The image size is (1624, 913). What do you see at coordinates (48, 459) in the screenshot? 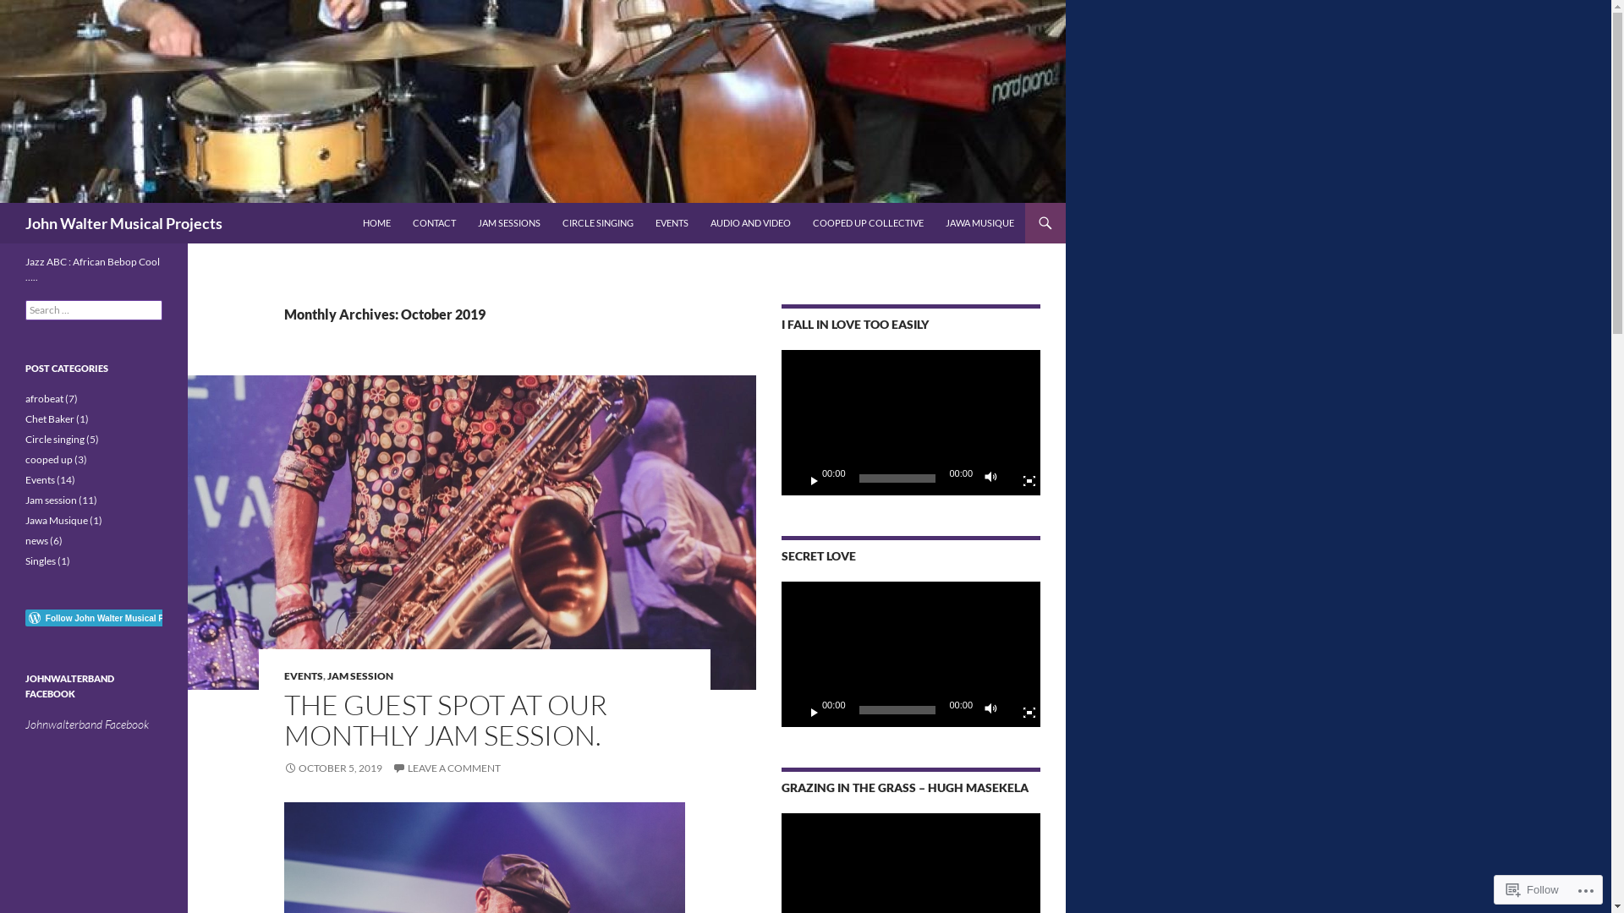
I see `'cooped up'` at bounding box center [48, 459].